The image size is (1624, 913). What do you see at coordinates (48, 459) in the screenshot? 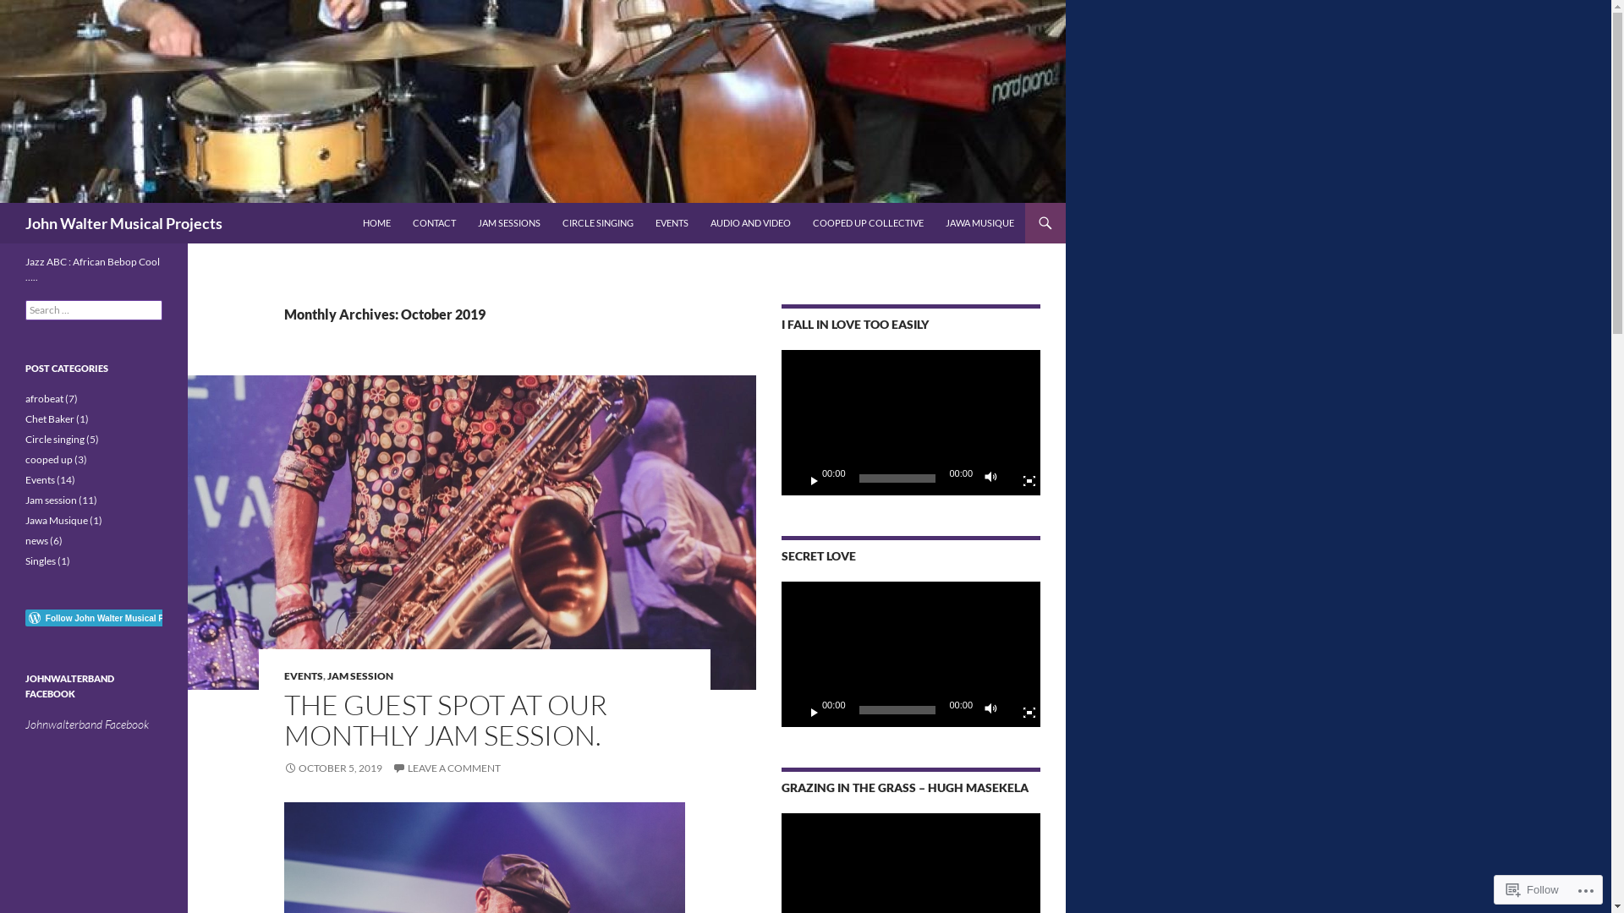
I see `'cooped up'` at bounding box center [48, 459].